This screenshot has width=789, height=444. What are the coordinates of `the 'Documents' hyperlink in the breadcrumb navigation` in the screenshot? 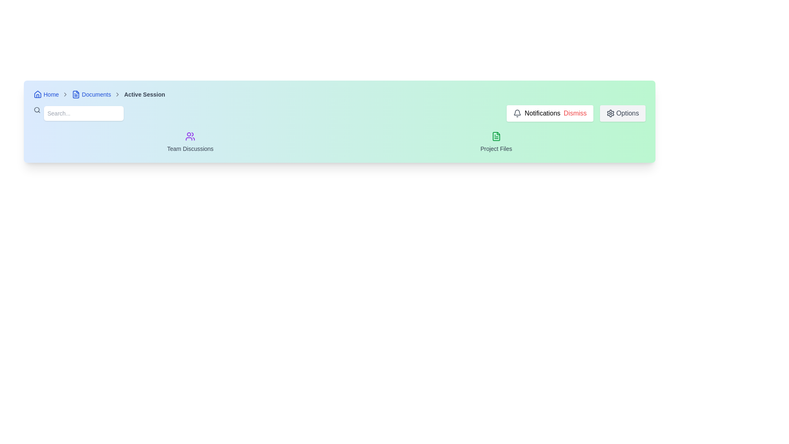 It's located at (91, 94).